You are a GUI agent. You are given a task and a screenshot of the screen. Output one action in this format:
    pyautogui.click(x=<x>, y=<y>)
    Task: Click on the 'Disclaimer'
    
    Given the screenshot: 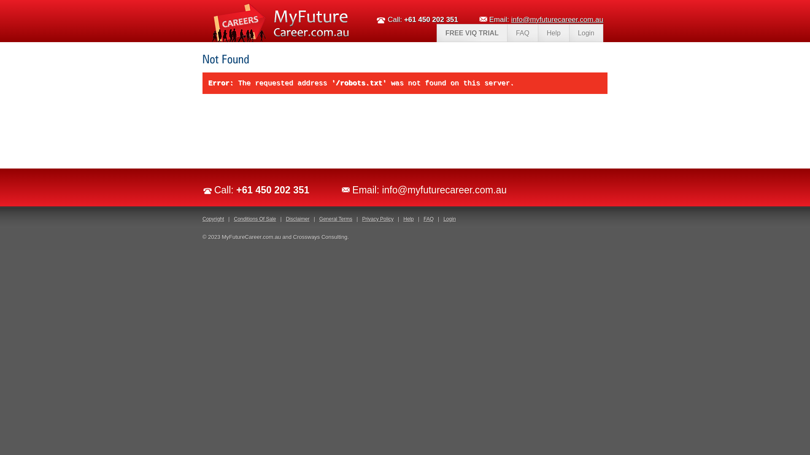 What is the action you would take?
    pyautogui.click(x=286, y=219)
    